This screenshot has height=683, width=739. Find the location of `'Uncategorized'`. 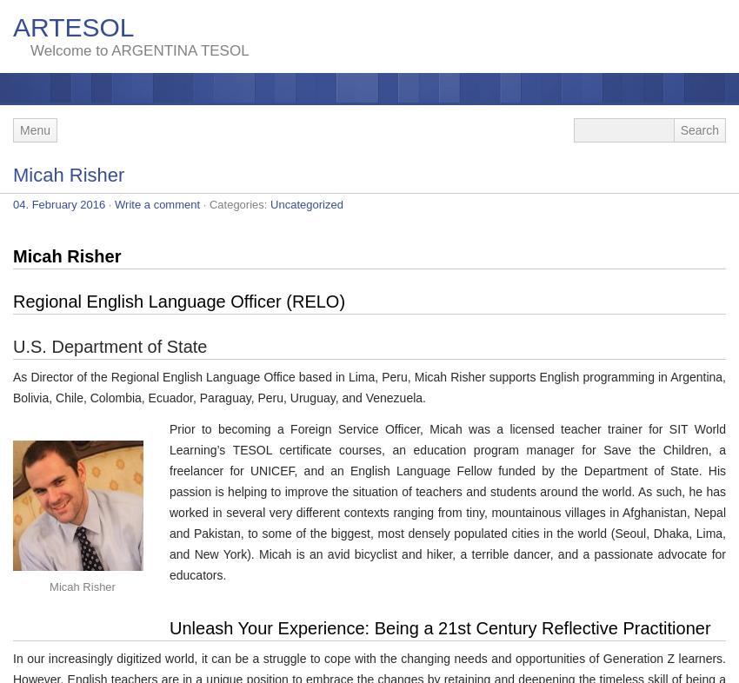

'Uncategorized' is located at coordinates (270, 204).